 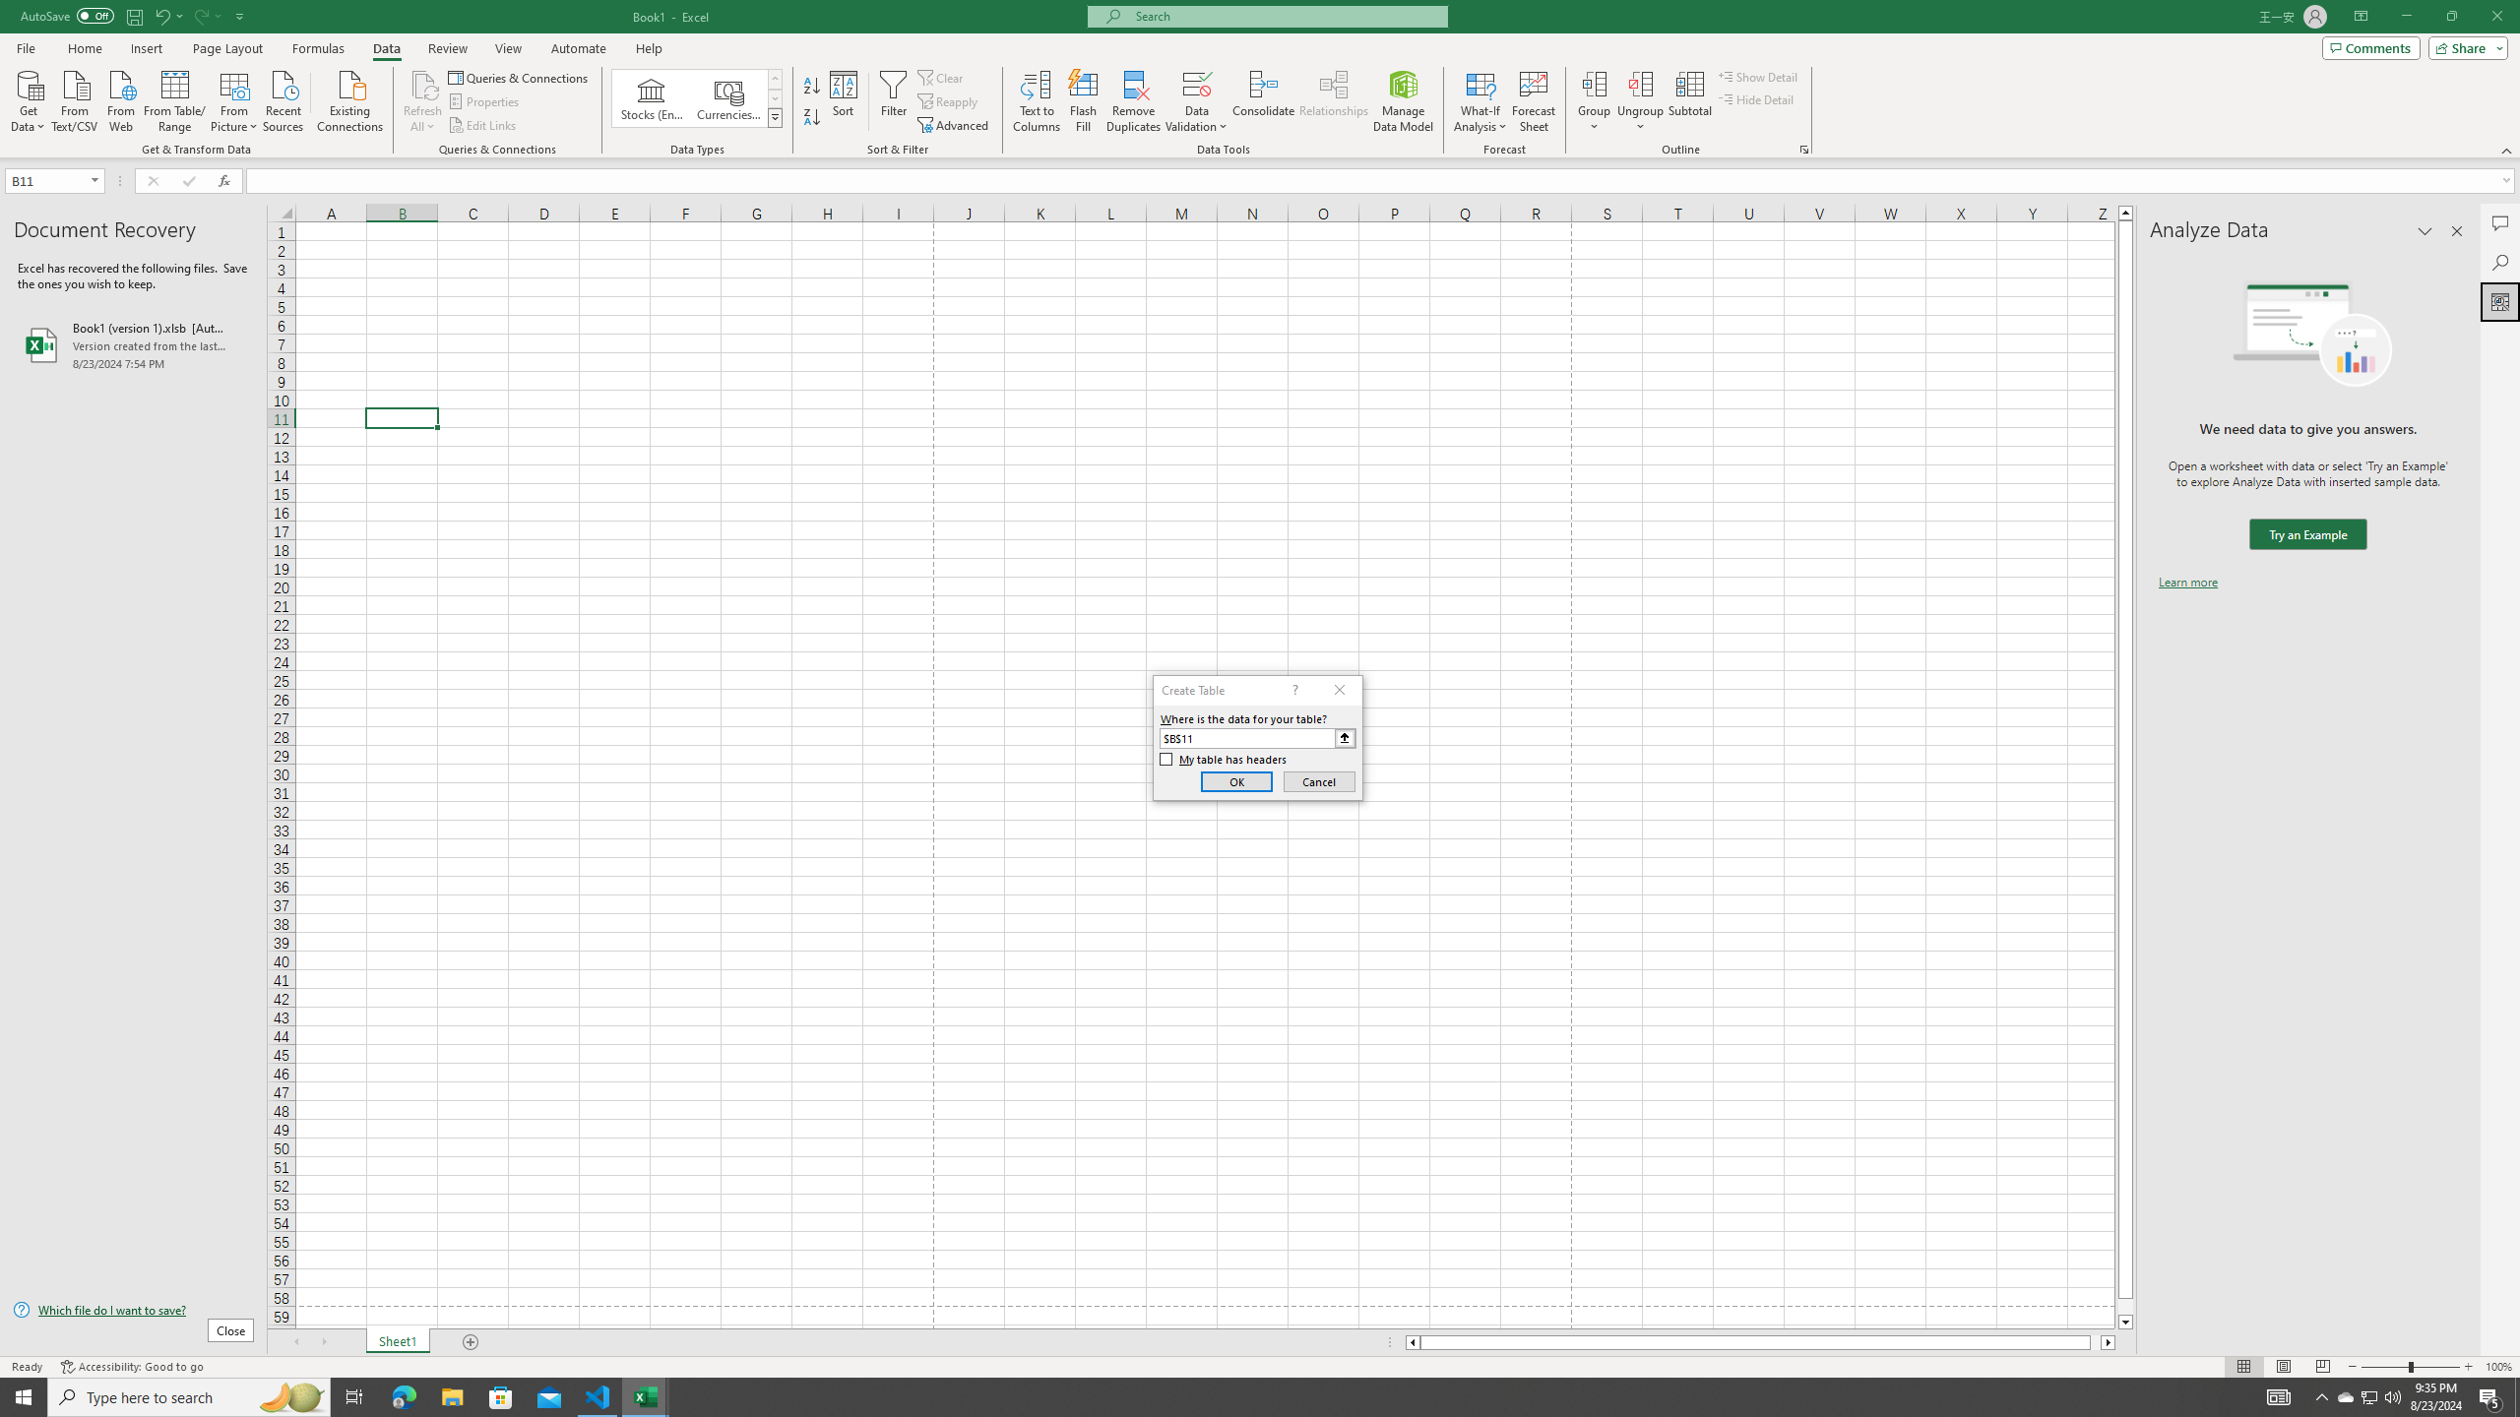 What do you see at coordinates (811, 86) in the screenshot?
I see `'Sort A to Z'` at bounding box center [811, 86].